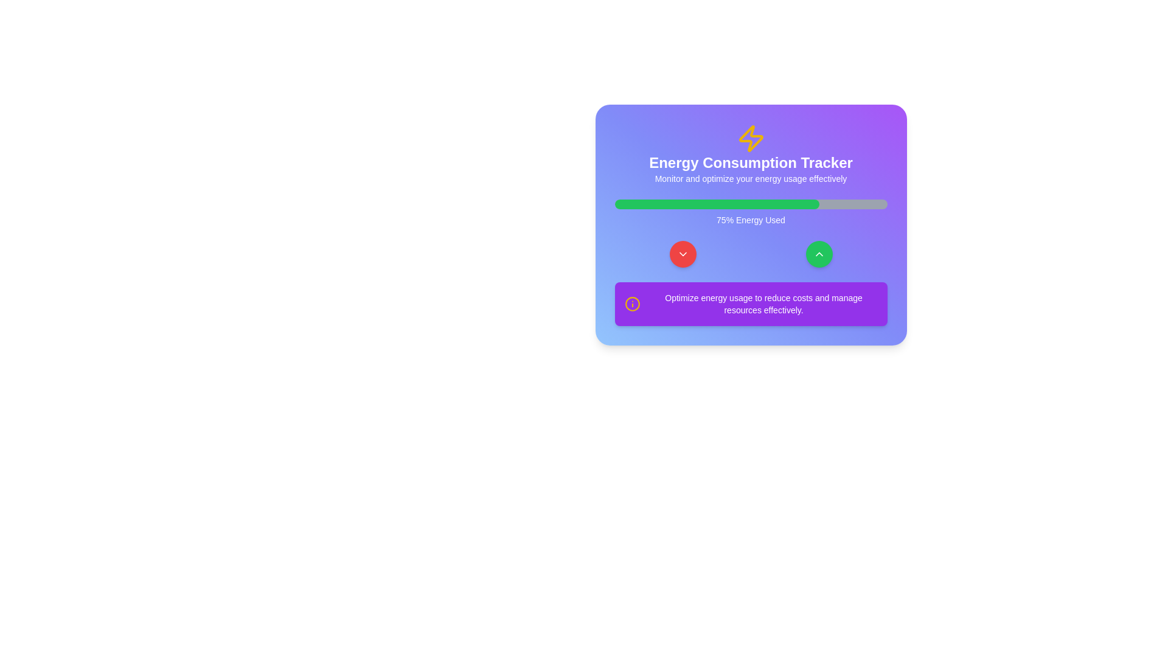  I want to click on the main header Text Label indicating the purpose of tracking energy consumption, which is positioned below a yellow lightning icon, so click(750, 162).